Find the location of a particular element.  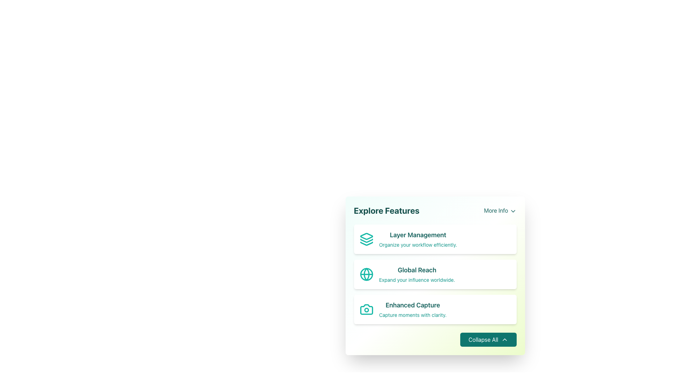

the small circular decorative element within the teal camera icon in the 'Enhanced Capture' section located at the bottom of the feature list is located at coordinates (366, 310).